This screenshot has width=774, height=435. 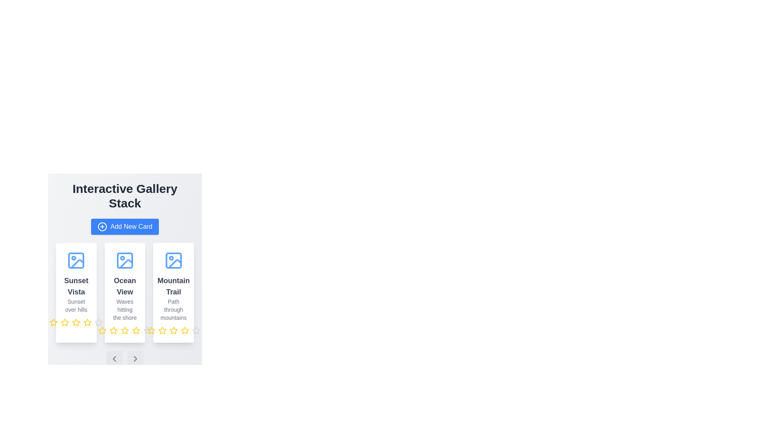 I want to click on the second star in the rating system beneath the 'Ocean View' card, so click(x=113, y=330).